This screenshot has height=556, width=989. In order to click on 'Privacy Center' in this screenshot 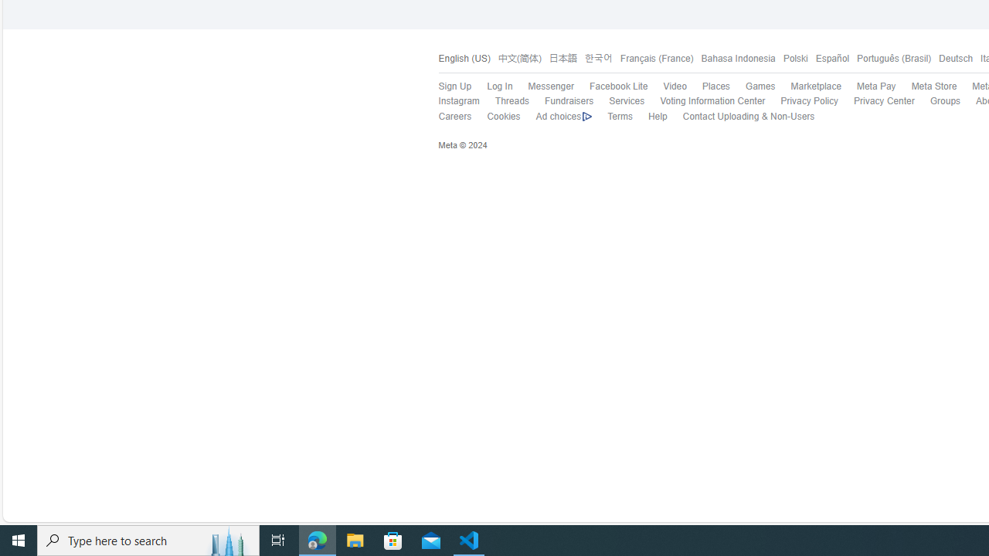, I will do `click(884, 101)`.